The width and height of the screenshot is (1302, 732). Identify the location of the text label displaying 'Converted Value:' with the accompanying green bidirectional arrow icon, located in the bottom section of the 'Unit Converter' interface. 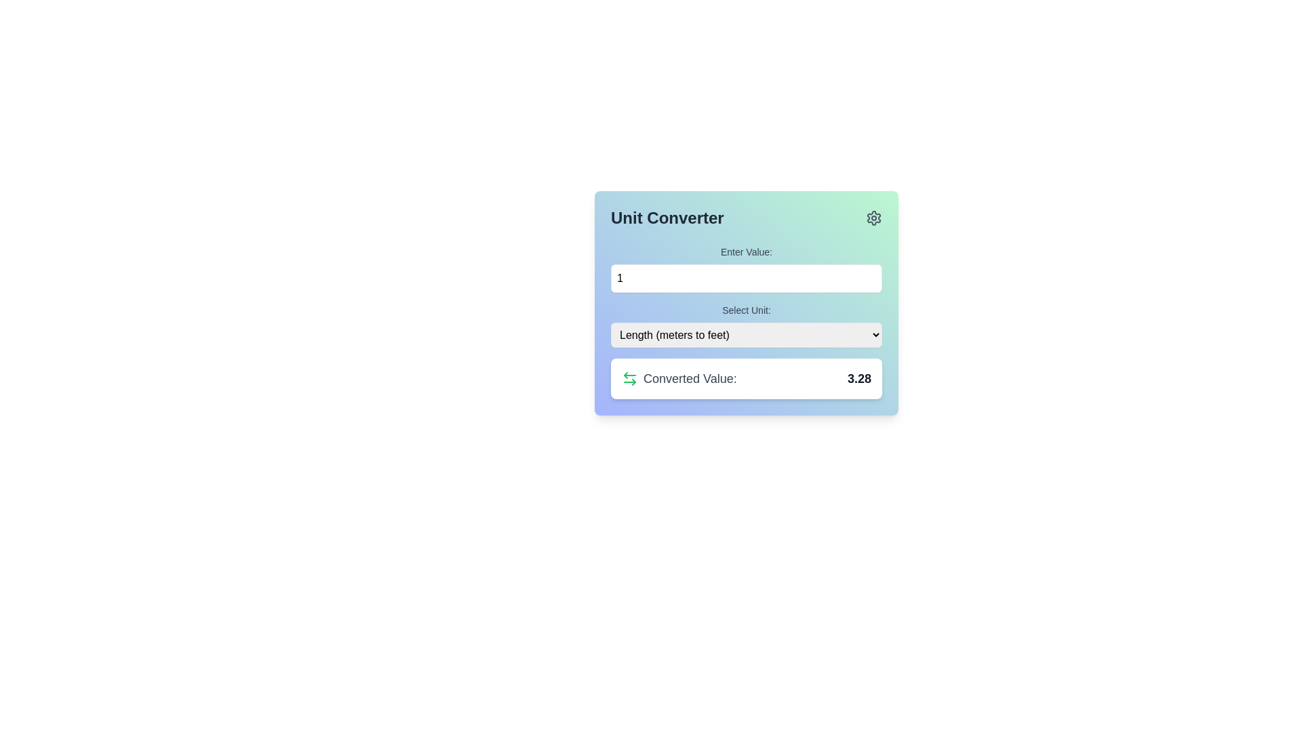
(679, 379).